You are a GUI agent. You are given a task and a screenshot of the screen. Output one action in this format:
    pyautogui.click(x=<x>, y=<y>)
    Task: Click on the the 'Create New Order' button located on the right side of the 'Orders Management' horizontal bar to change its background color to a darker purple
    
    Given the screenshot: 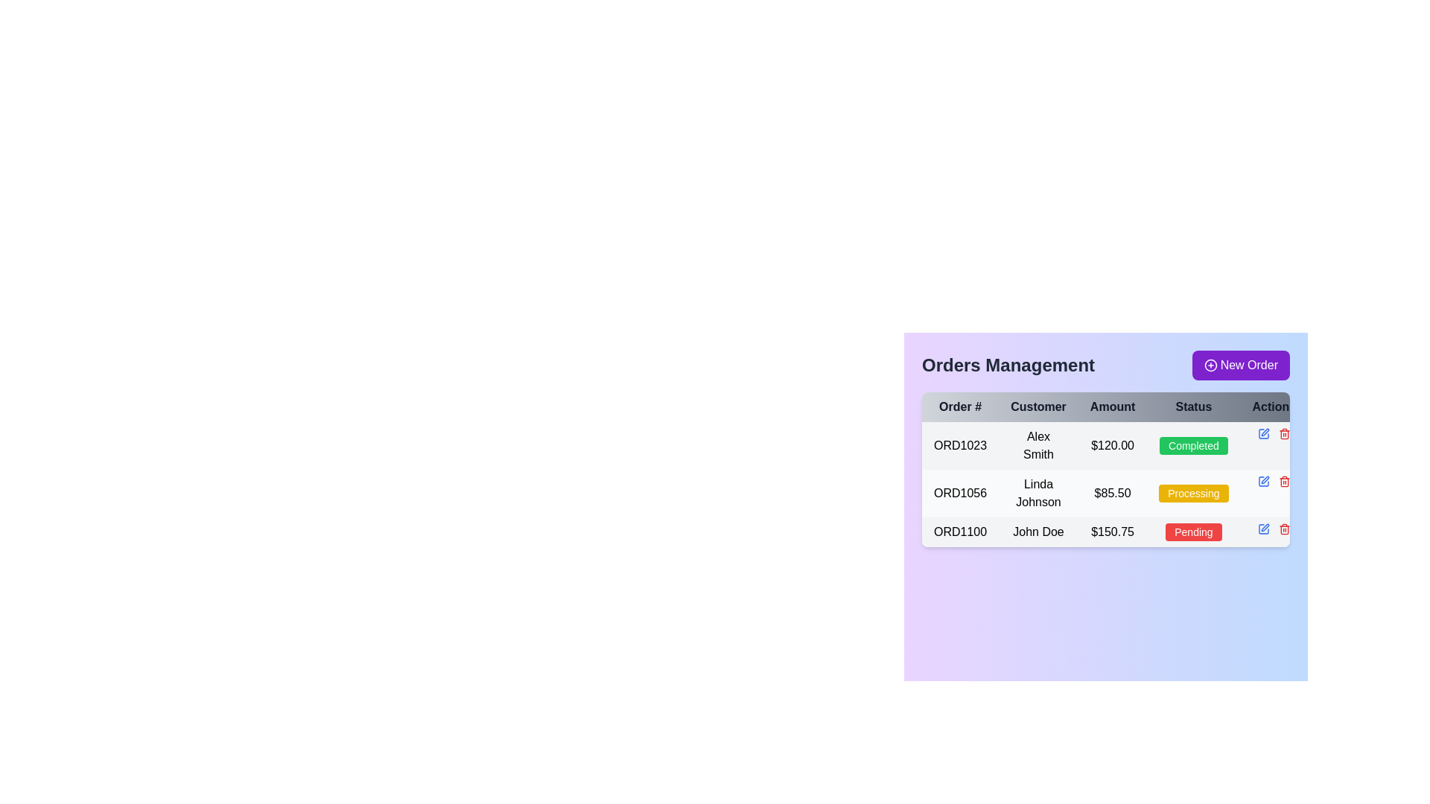 What is the action you would take?
    pyautogui.click(x=1241, y=365)
    